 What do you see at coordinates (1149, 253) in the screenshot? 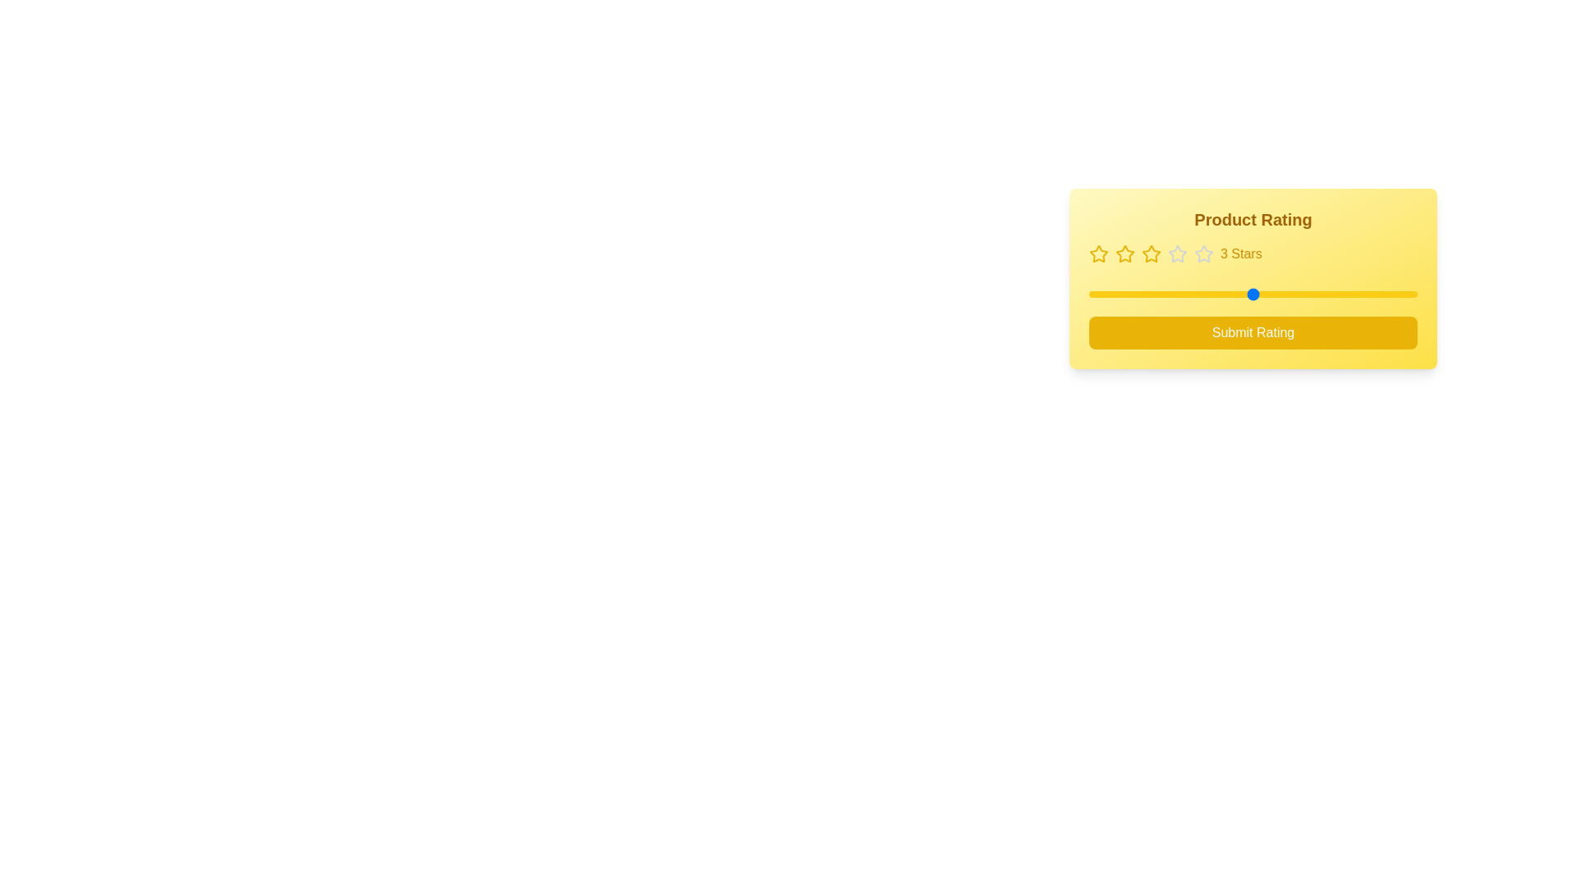
I see `the second star-shaped interactive rating icon, which is prominently styled in yellow and located within a product rating card, to rate it` at bounding box center [1149, 253].